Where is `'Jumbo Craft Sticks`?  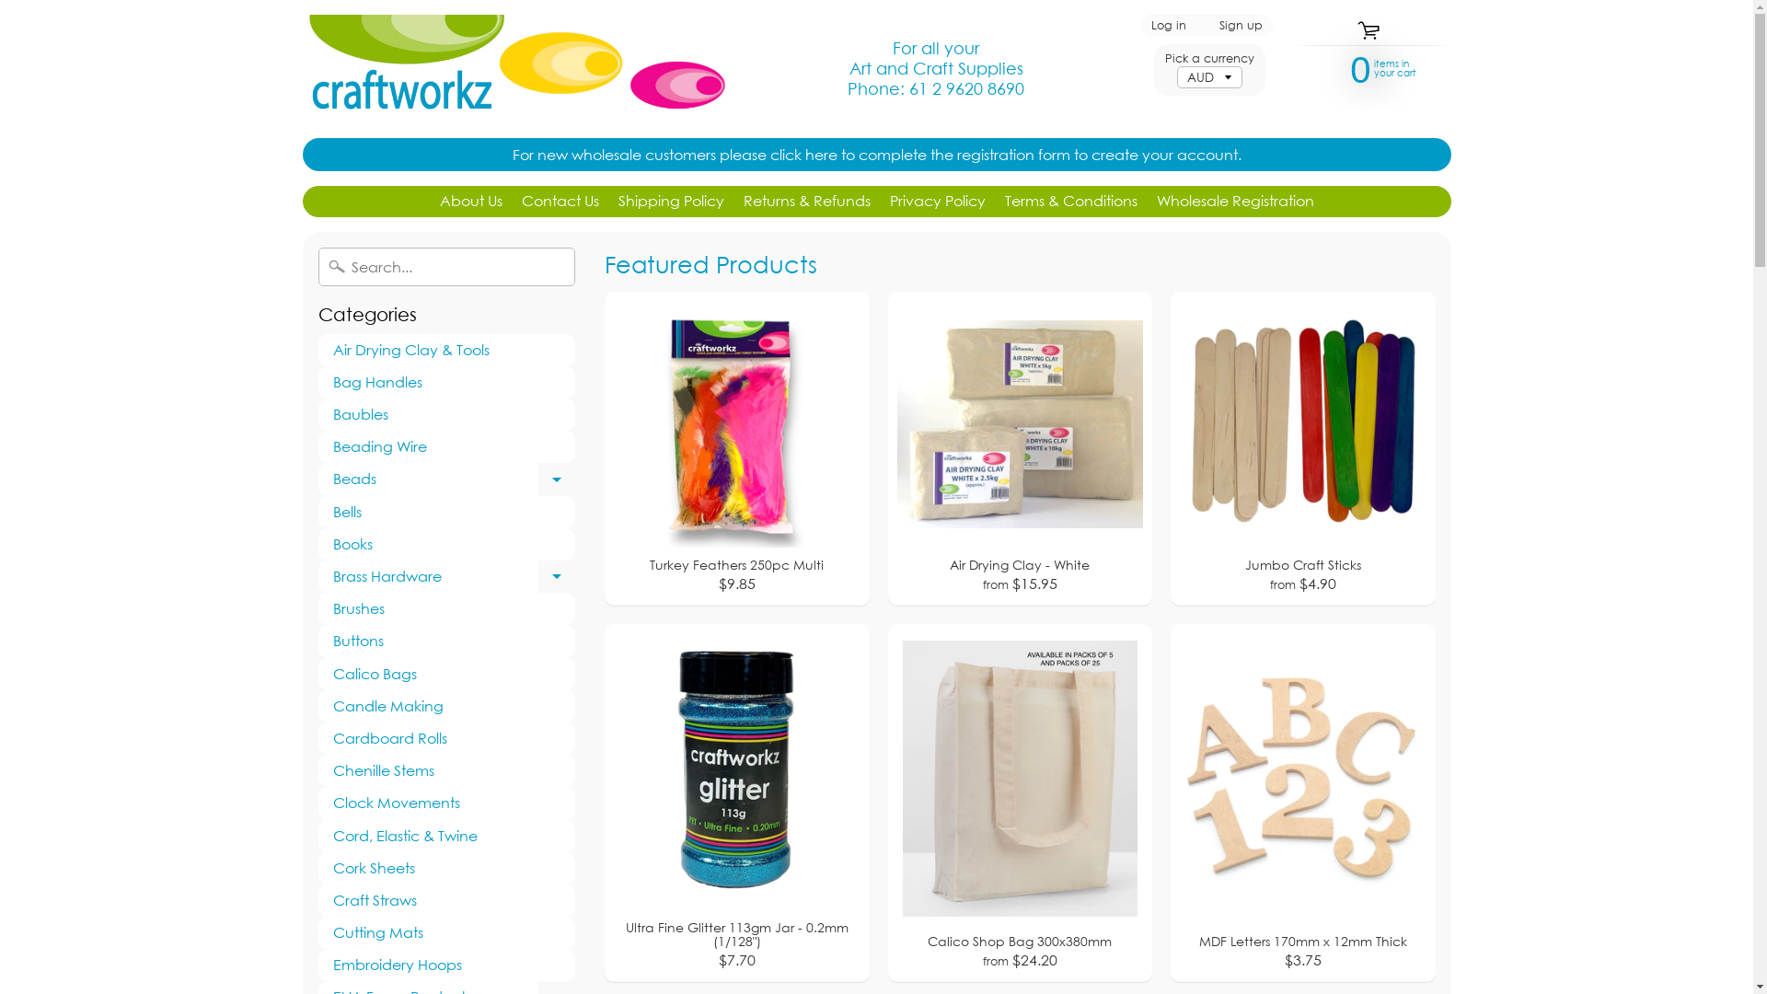
'Jumbo Craft Sticks is located at coordinates (1302, 448).